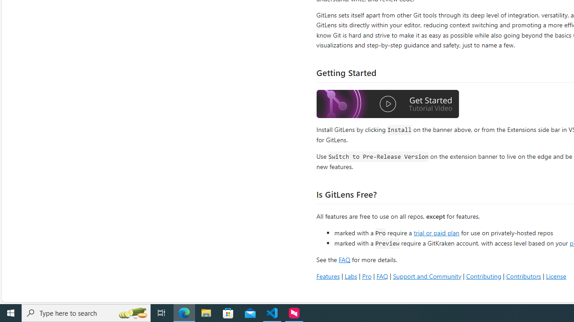  Describe the element at coordinates (388, 104) in the screenshot. I see `'Watch the GitLens Getting Started video'` at that location.